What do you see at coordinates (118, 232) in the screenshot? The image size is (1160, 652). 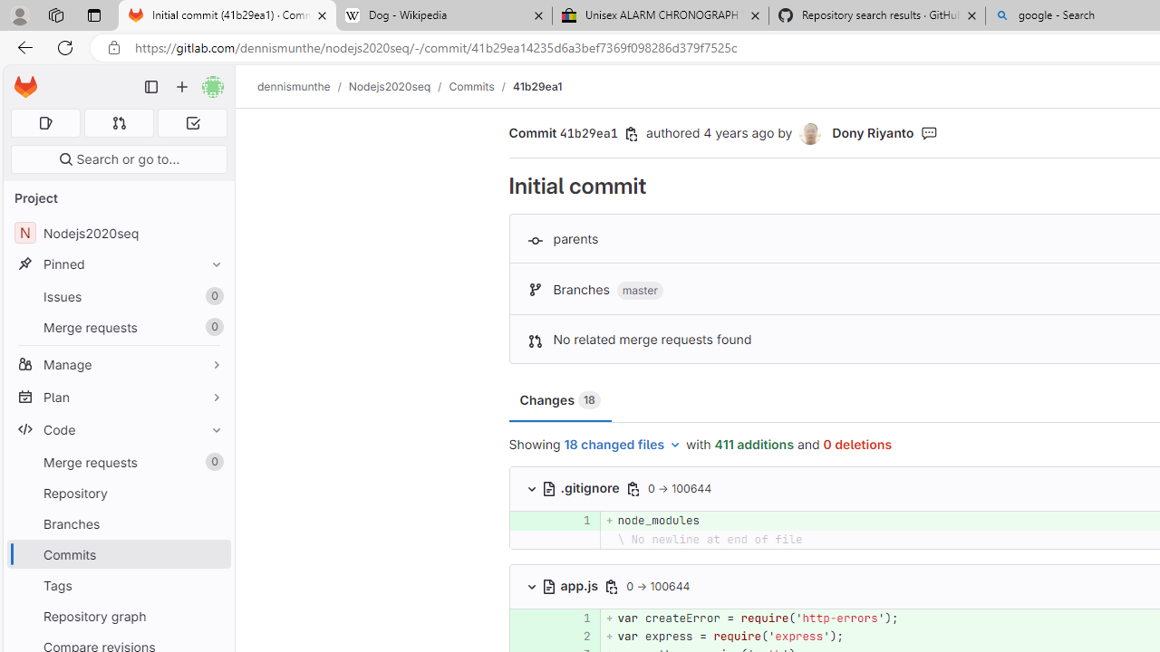 I see `'N Nodejs2020seq'` at bounding box center [118, 232].